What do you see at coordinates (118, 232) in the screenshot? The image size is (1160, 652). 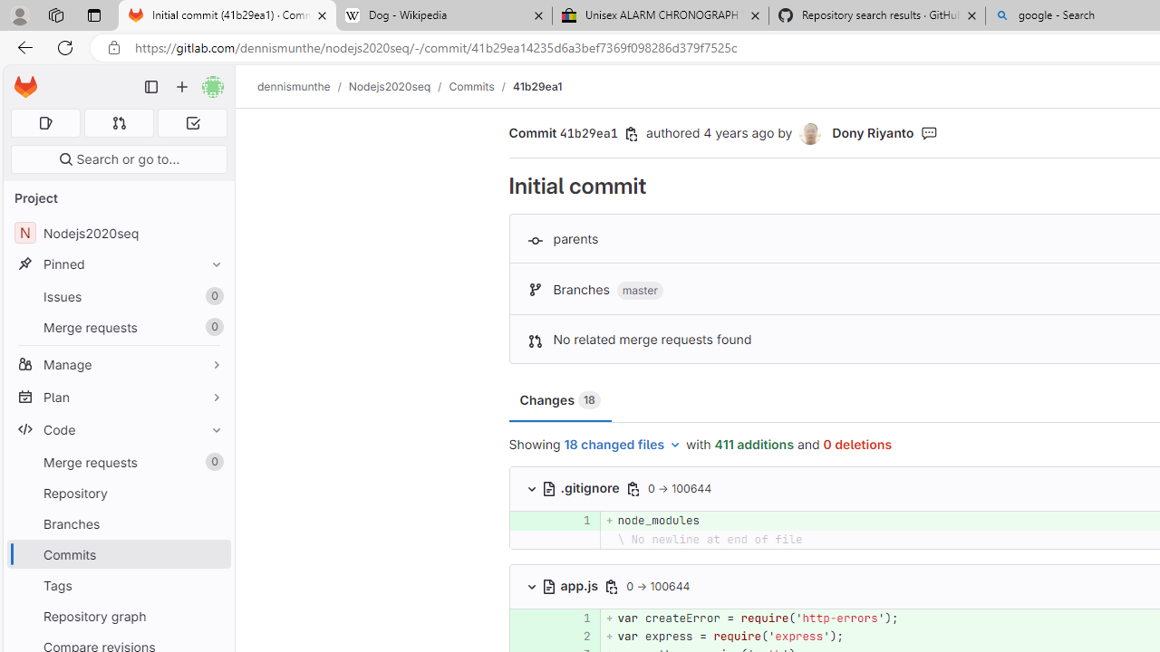 I see `'N Nodejs2020seq'` at bounding box center [118, 232].